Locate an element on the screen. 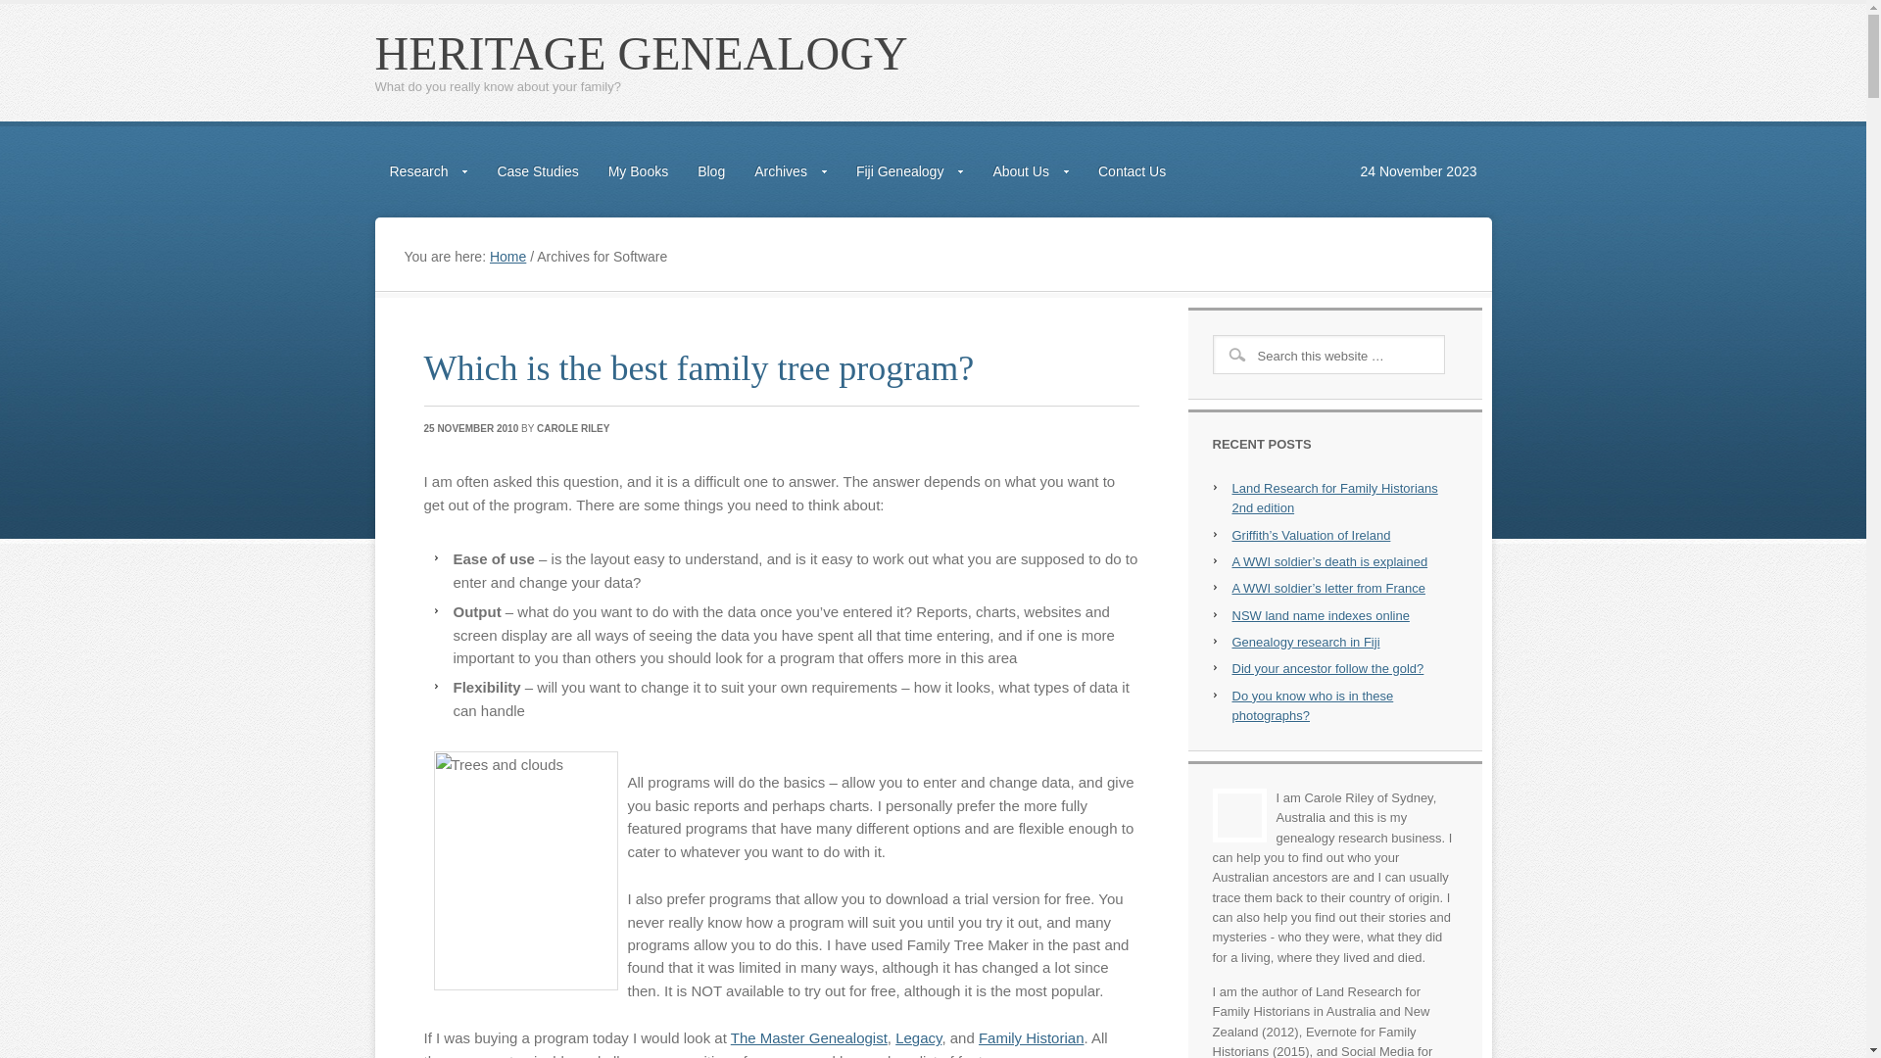 The width and height of the screenshot is (1881, 1058). 'Genealogy research in Fiji' is located at coordinates (1306, 642).